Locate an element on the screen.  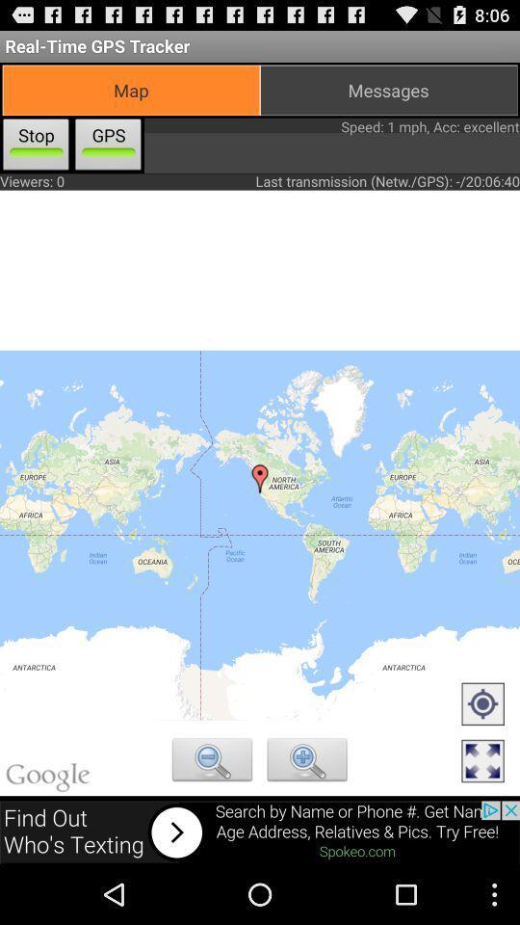
click the zoom-in option is located at coordinates (307, 762).